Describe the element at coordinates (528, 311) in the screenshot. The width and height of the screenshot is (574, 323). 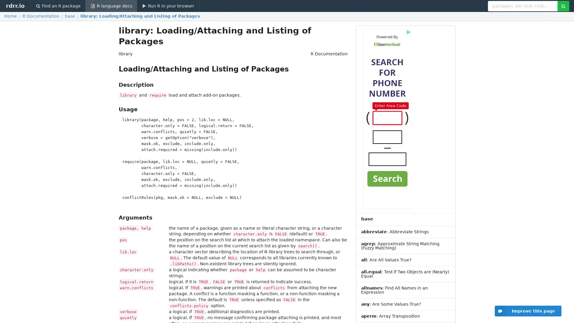
I see `Improve this page` at that location.